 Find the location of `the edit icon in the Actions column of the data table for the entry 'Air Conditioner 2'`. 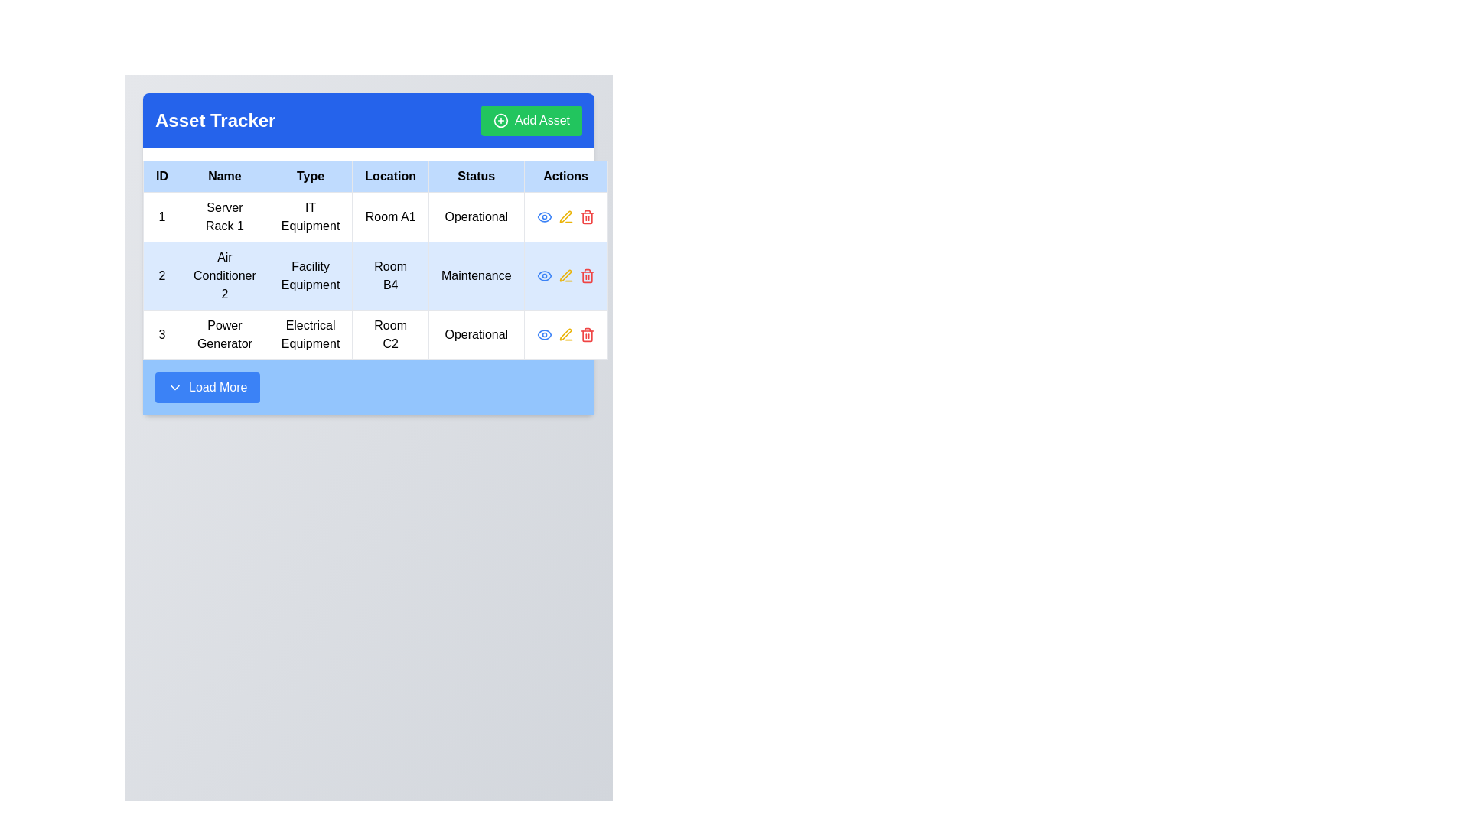

the edit icon in the Actions column of the data table for the entry 'Air Conditioner 2' is located at coordinates (565, 275).